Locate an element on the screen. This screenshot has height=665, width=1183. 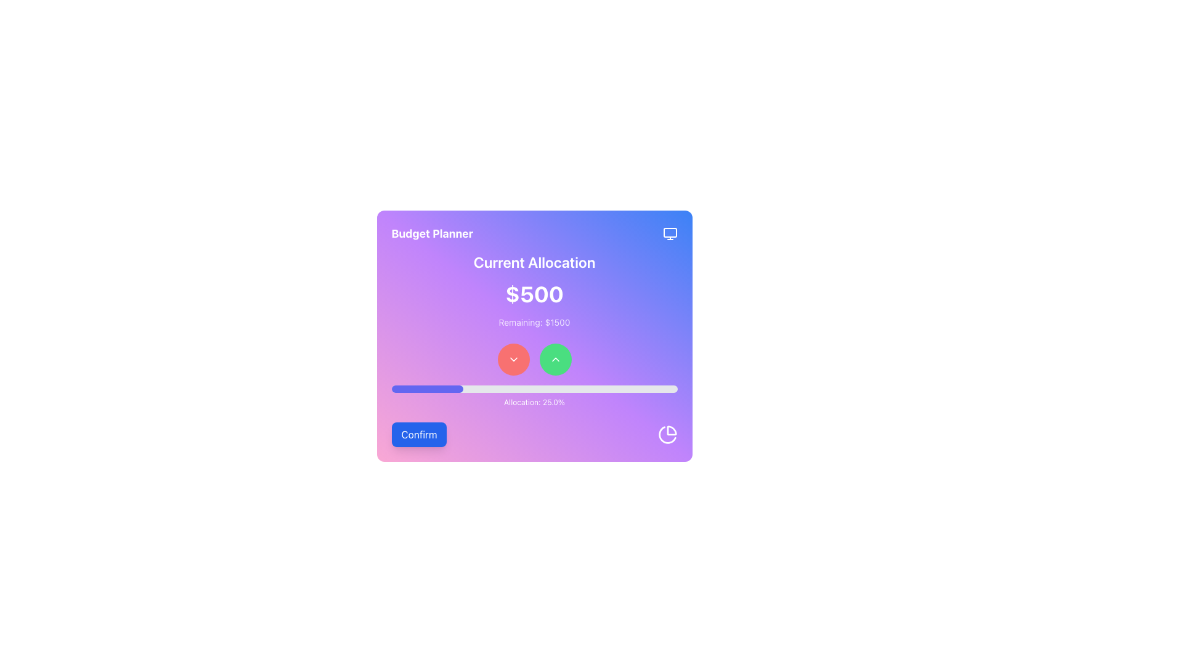
text from the Text Label displaying 'Remaining: $1500', which is positioned below the larger text '$500' in the middle portion of the interface is located at coordinates (534, 322).